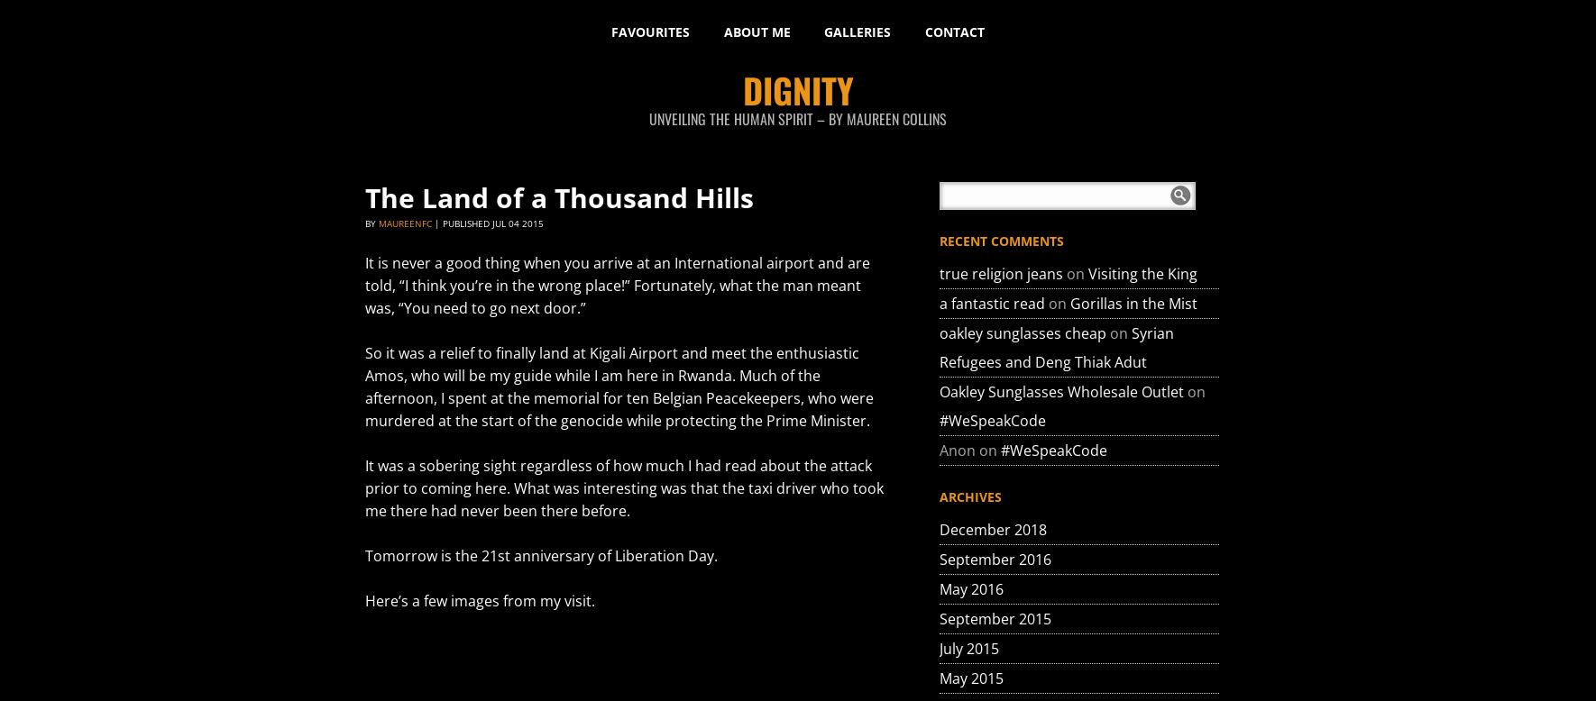  Describe the element at coordinates (363, 387) in the screenshot. I see `'So it was a relief to finally land at Kigali Airport and meet the enthusiastic Amos, who will be my guide while I am here in Rwanda. Much of the afternoon, I spent at the memorial for ten Belgian Peacekeepers, who were murdered at the start of the genocide while protecting the Prime Minister.'` at that location.